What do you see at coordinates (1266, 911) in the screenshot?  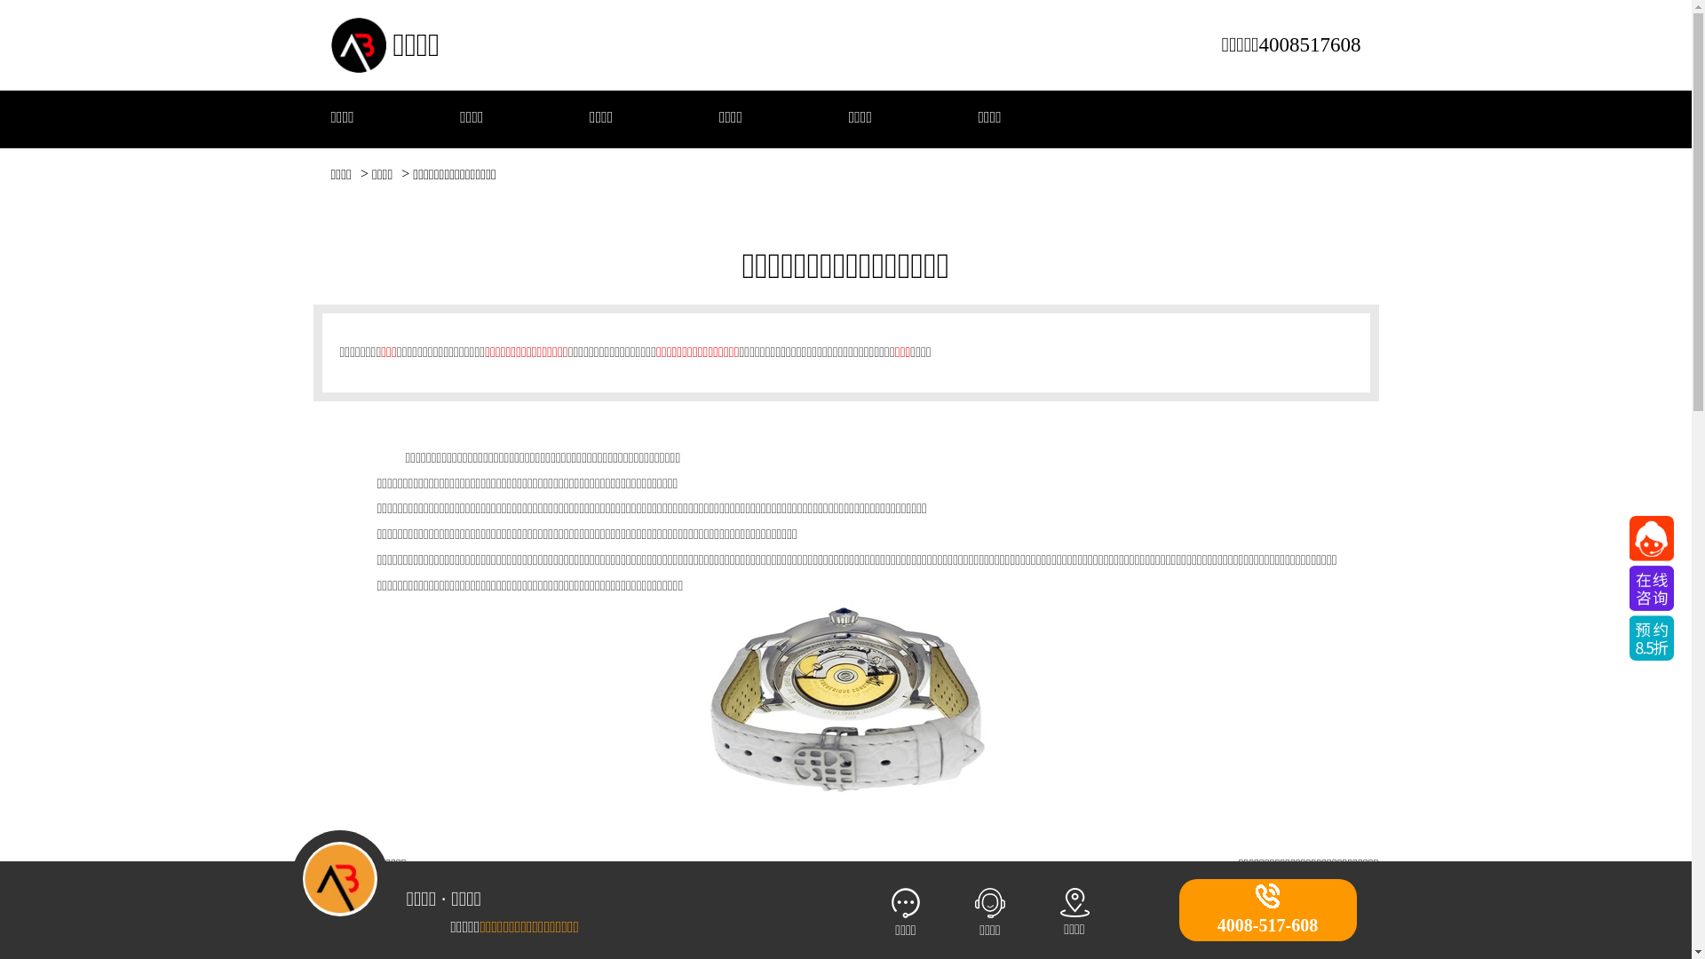 I see `'4008-517-608'` at bounding box center [1266, 911].